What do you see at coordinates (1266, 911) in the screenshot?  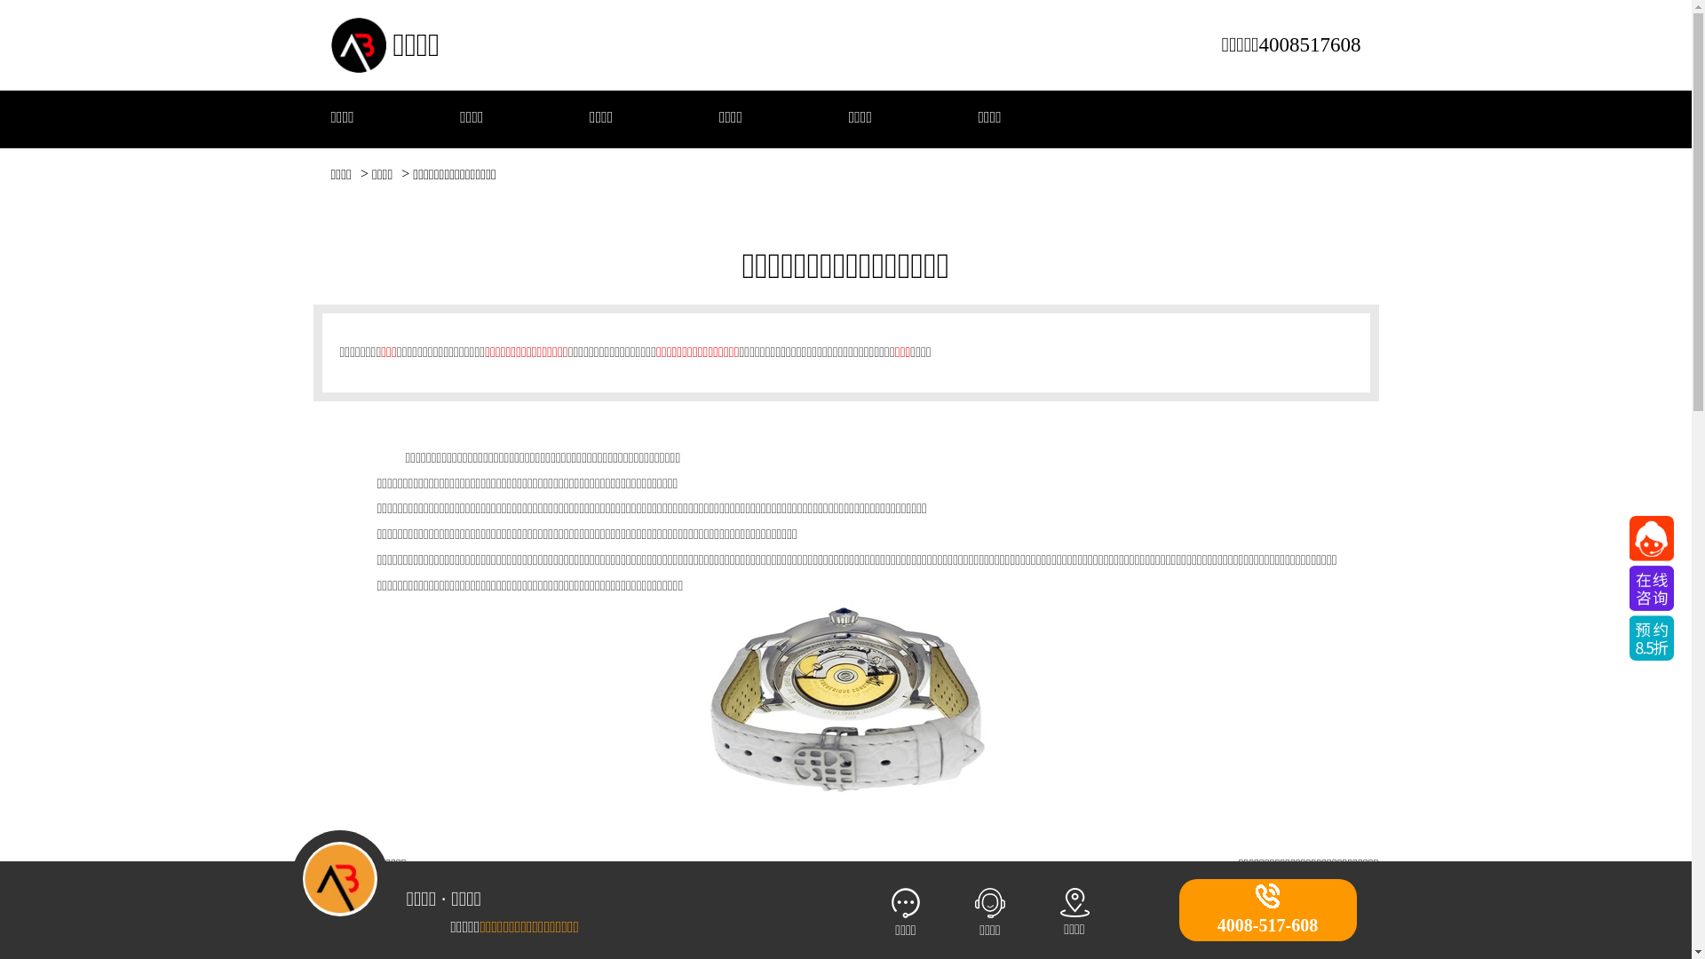 I see `'4008-517-608'` at bounding box center [1266, 911].